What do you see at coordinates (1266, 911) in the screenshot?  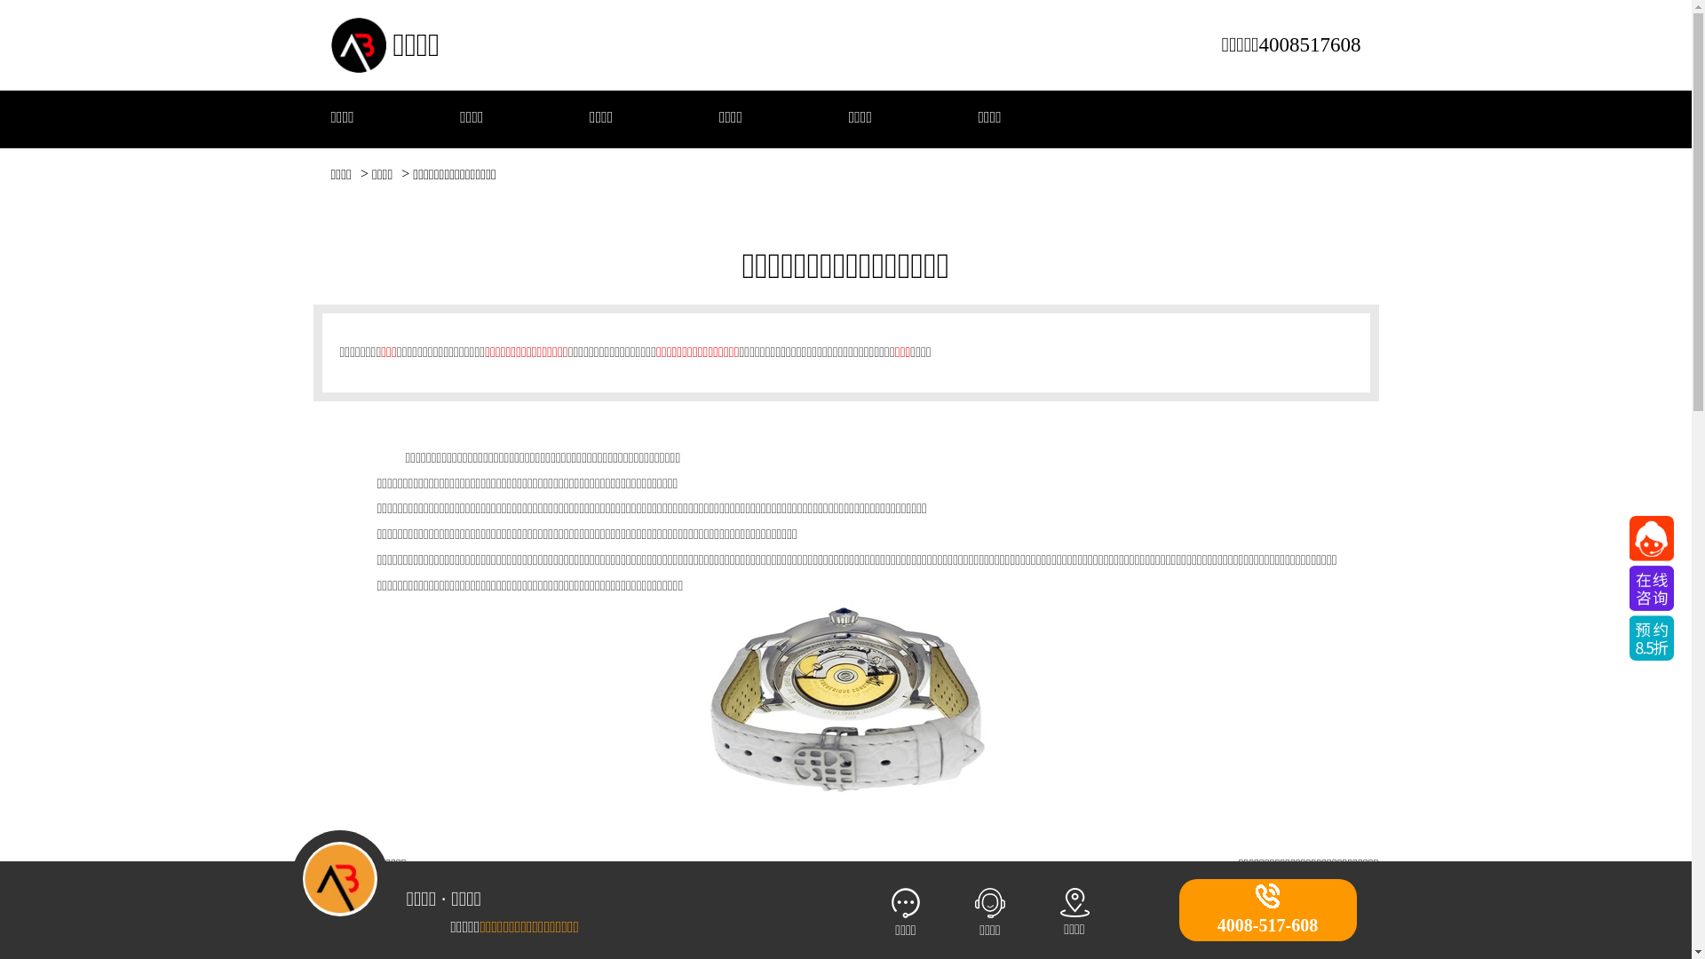 I see `'4008-517-608'` at bounding box center [1266, 911].